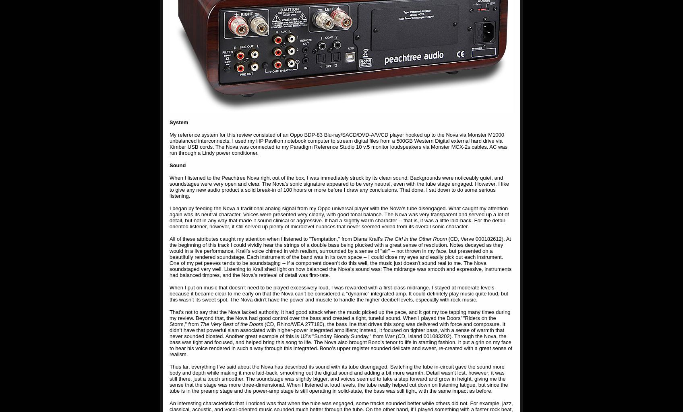  Describe the element at coordinates (338, 143) in the screenshot. I see `'My reference system for this review consisted of an Oppo
            BDP-83 Blu-ray/SACD/DVD-A/V/CD player hooked up to the Nova via Monster M1000 unbalanced
            interconnects. I used my HP Pavilion notebook computer to stream digital files from a
            500GB Western Digital external hard drive via Kimber USB cords. The Nova was connected to
            my Paradigm Reference Studio 10 v.5 monitor loudspeakers via Monster MCX-2s cables. AC was
            run through a Lindy power conditioner.'` at that location.